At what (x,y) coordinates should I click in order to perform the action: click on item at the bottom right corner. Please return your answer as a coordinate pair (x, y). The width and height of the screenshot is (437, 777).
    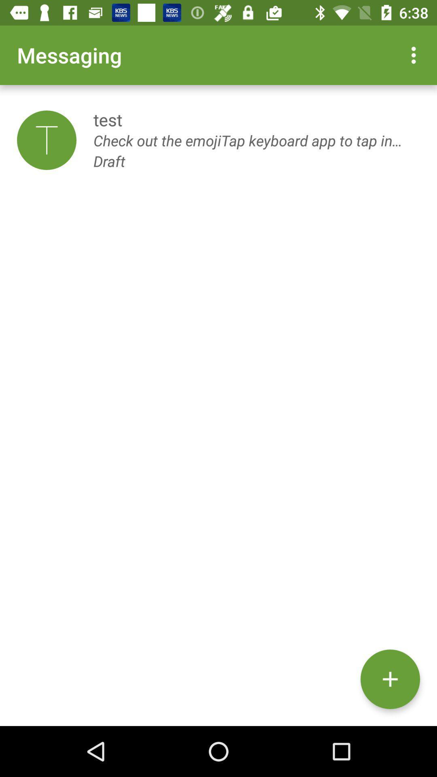
    Looking at the image, I should click on (390, 679).